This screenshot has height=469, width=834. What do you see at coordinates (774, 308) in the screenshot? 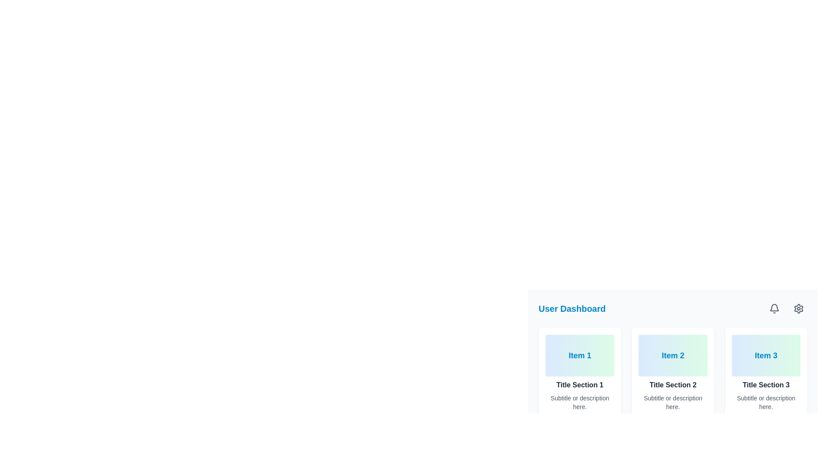
I see `the bell icon button, which is styled as a minimalist outlined SVG in gray and located at the top-right corner of the dashboard interface` at bounding box center [774, 308].